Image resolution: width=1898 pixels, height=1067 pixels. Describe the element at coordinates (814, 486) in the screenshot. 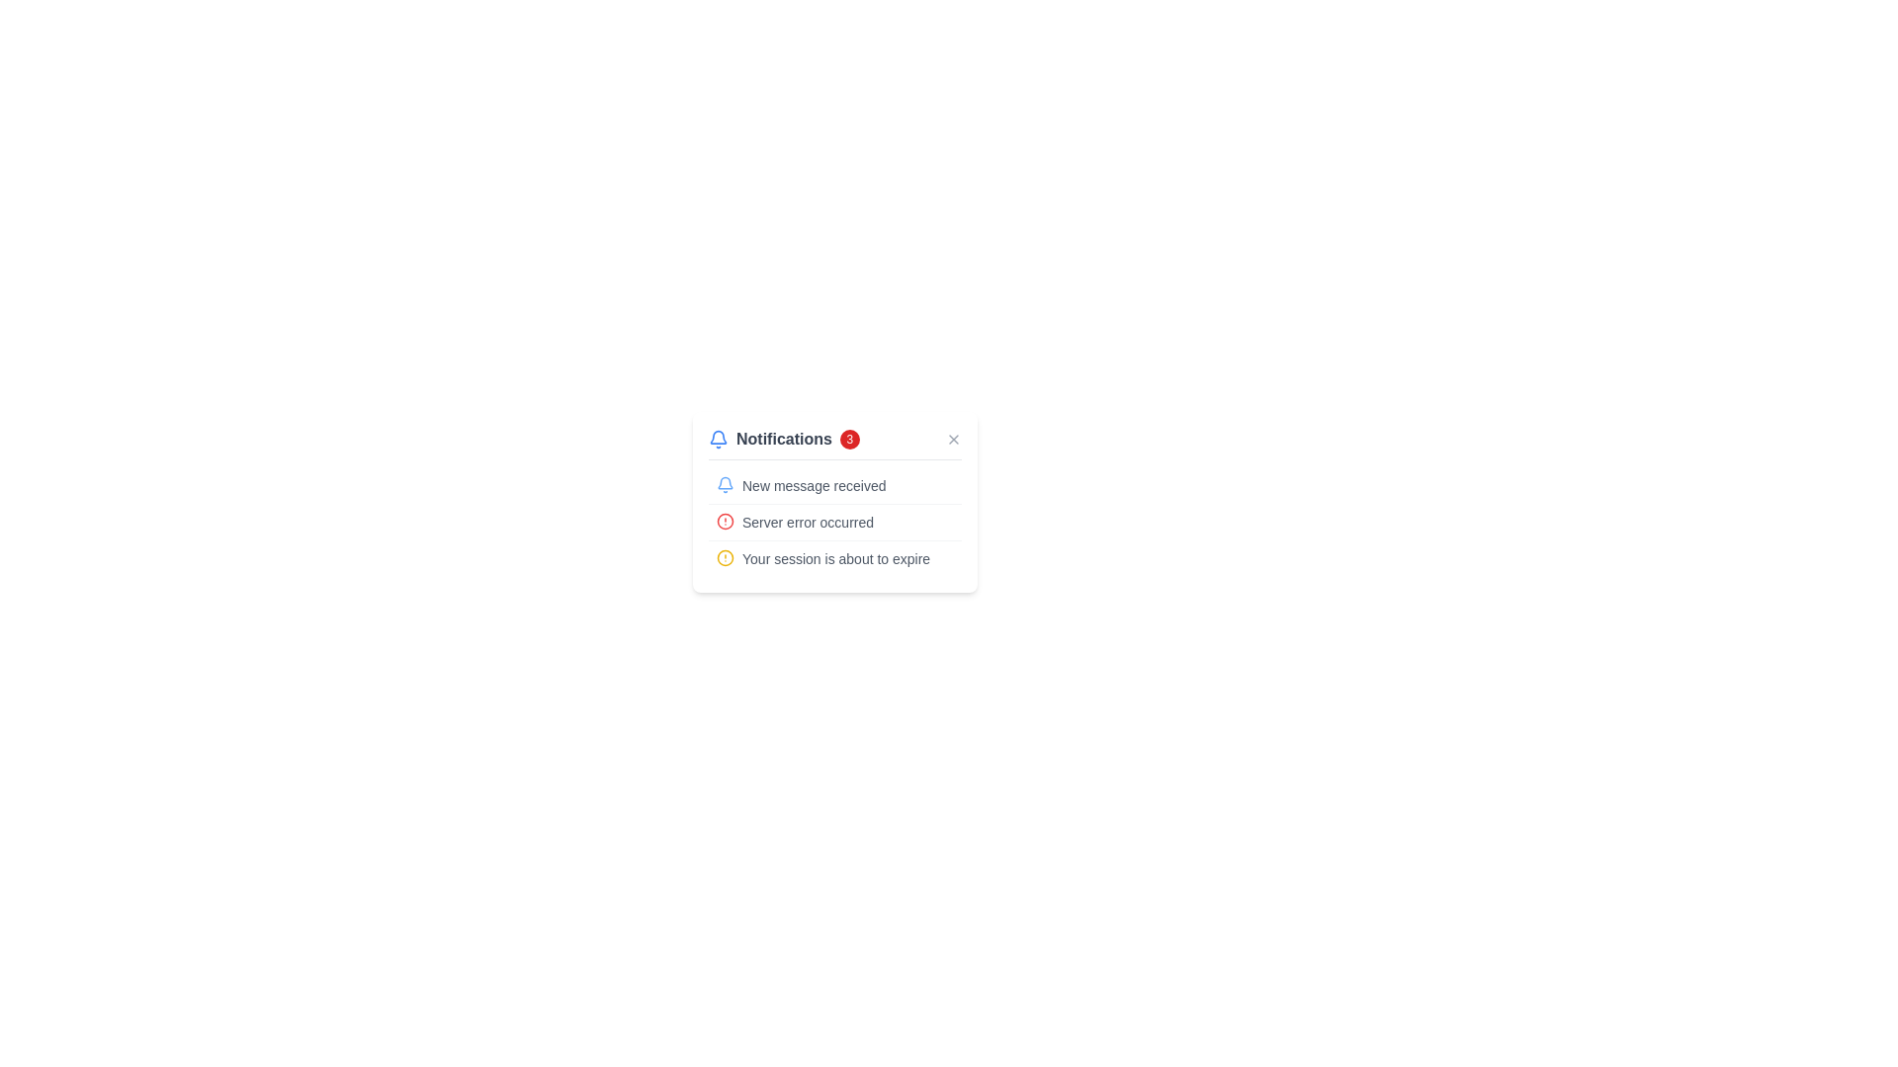

I see `the text label displaying 'New message received' which is the first item in the notifications list` at that location.